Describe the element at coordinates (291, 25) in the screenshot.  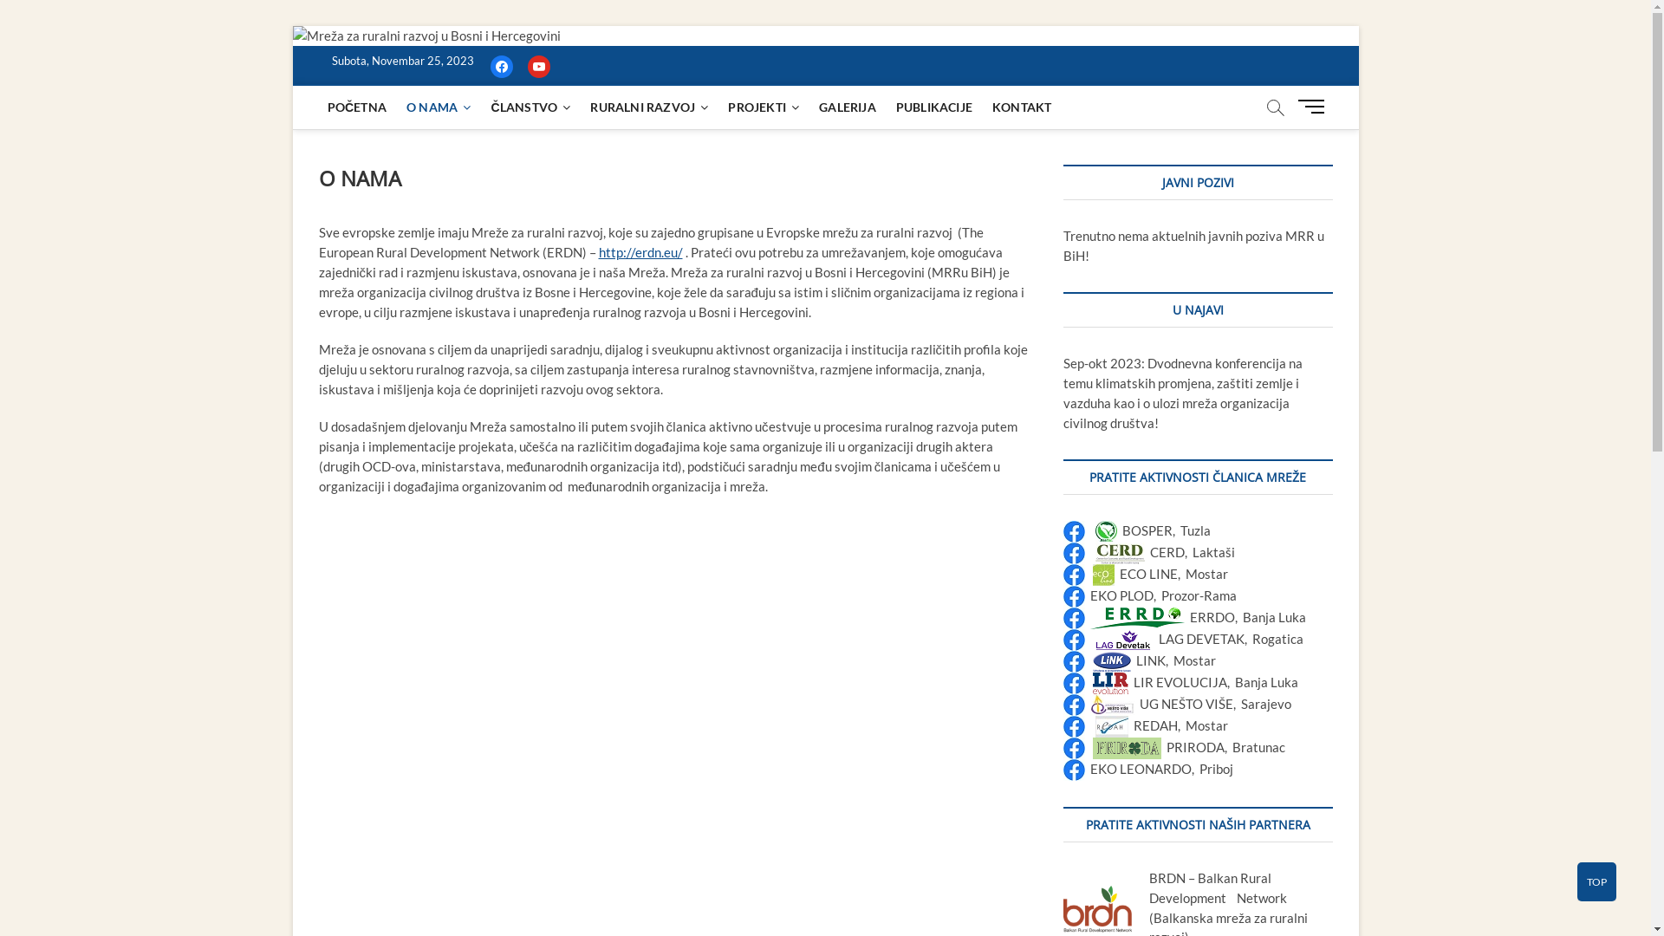
I see `'Skip to content'` at that location.